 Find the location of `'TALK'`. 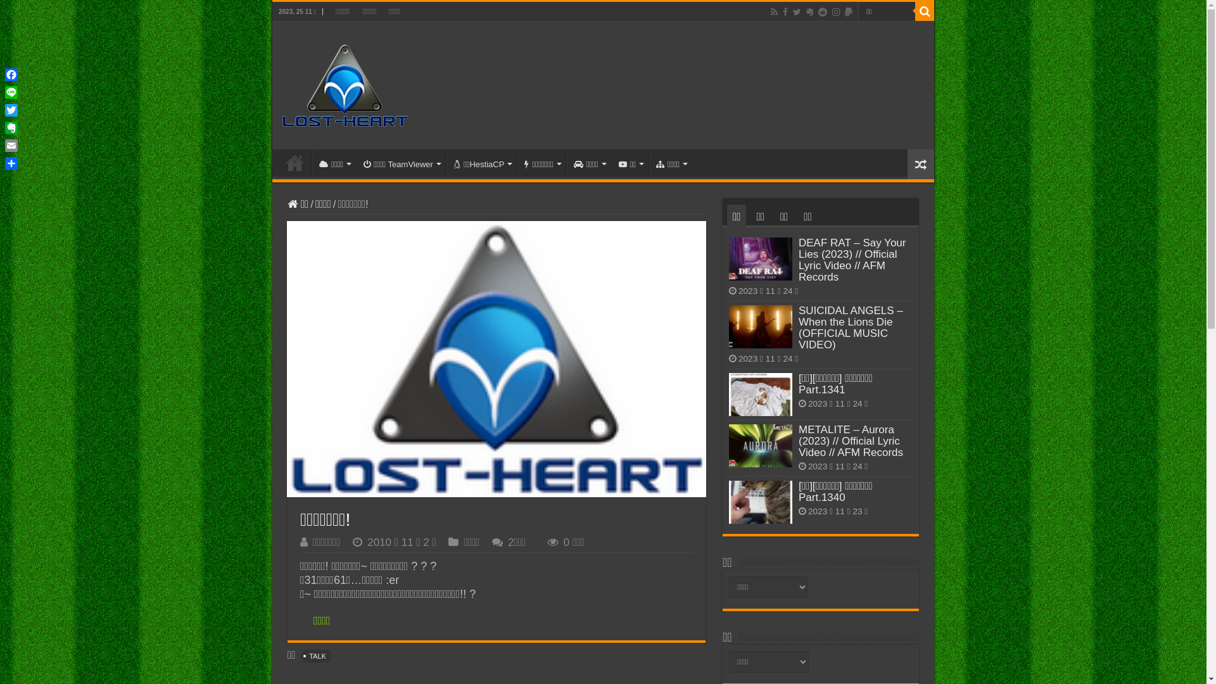

'TALK' is located at coordinates (304, 655).